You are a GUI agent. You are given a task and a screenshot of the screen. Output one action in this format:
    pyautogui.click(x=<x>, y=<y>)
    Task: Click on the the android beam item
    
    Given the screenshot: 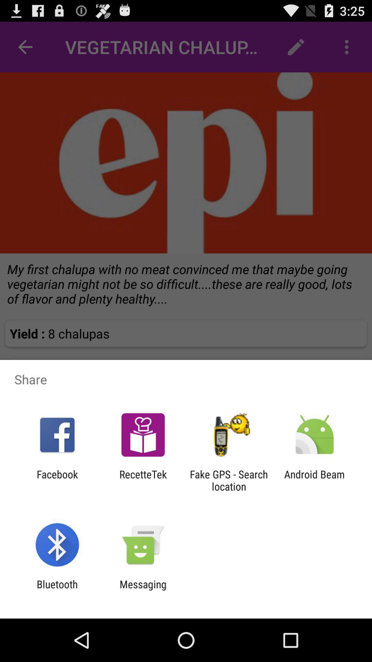 What is the action you would take?
    pyautogui.click(x=314, y=480)
    